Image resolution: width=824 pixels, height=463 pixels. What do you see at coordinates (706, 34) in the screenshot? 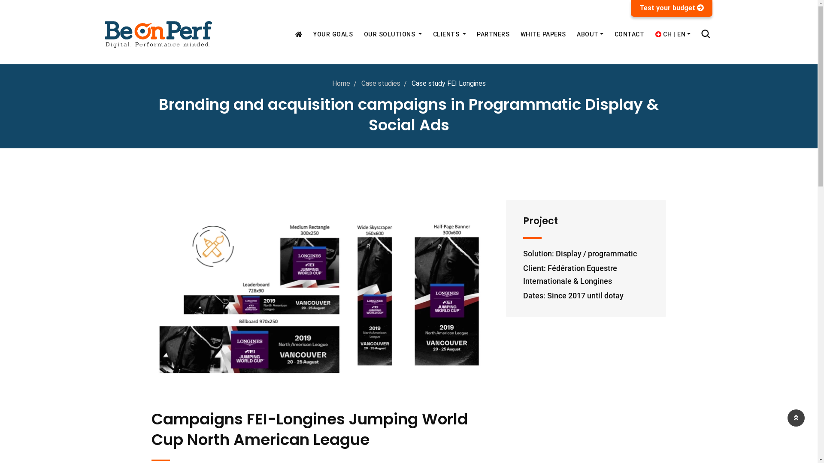
I see `'Search'` at bounding box center [706, 34].